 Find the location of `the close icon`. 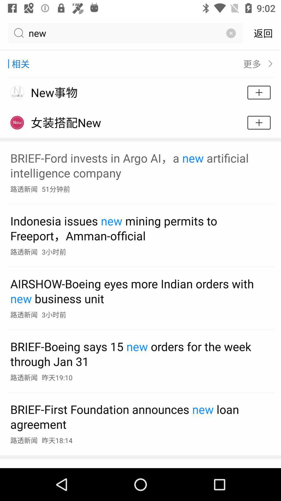

the close icon is located at coordinates (231, 33).